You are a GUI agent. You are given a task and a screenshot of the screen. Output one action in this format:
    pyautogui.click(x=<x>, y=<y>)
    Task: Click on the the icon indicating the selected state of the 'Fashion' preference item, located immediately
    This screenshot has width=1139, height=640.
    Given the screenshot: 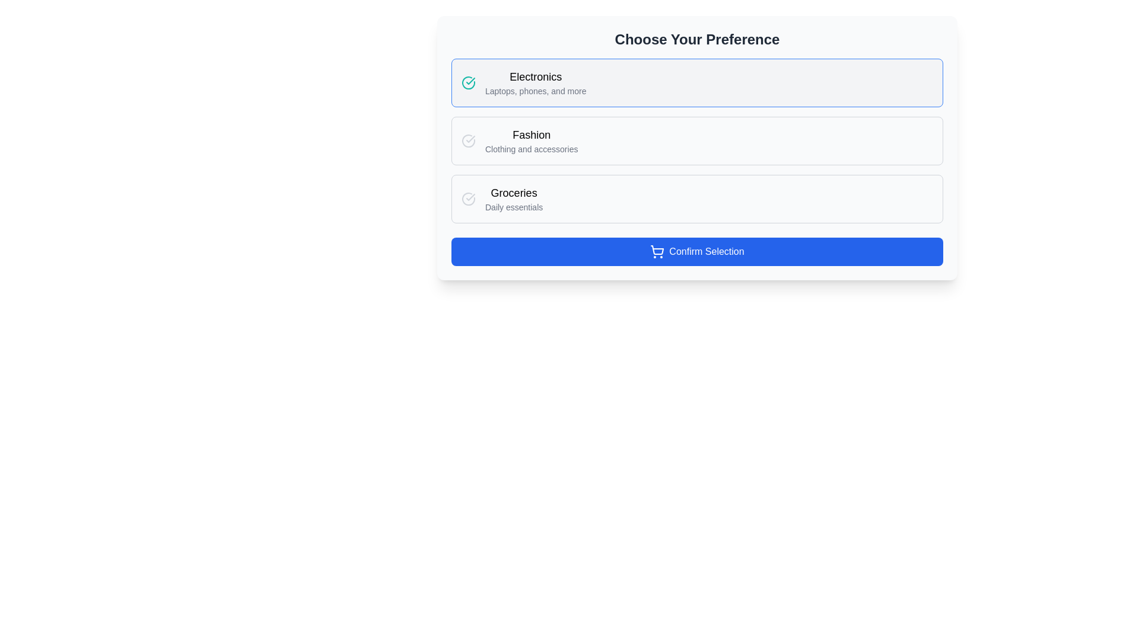 What is the action you would take?
    pyautogui.click(x=468, y=140)
    